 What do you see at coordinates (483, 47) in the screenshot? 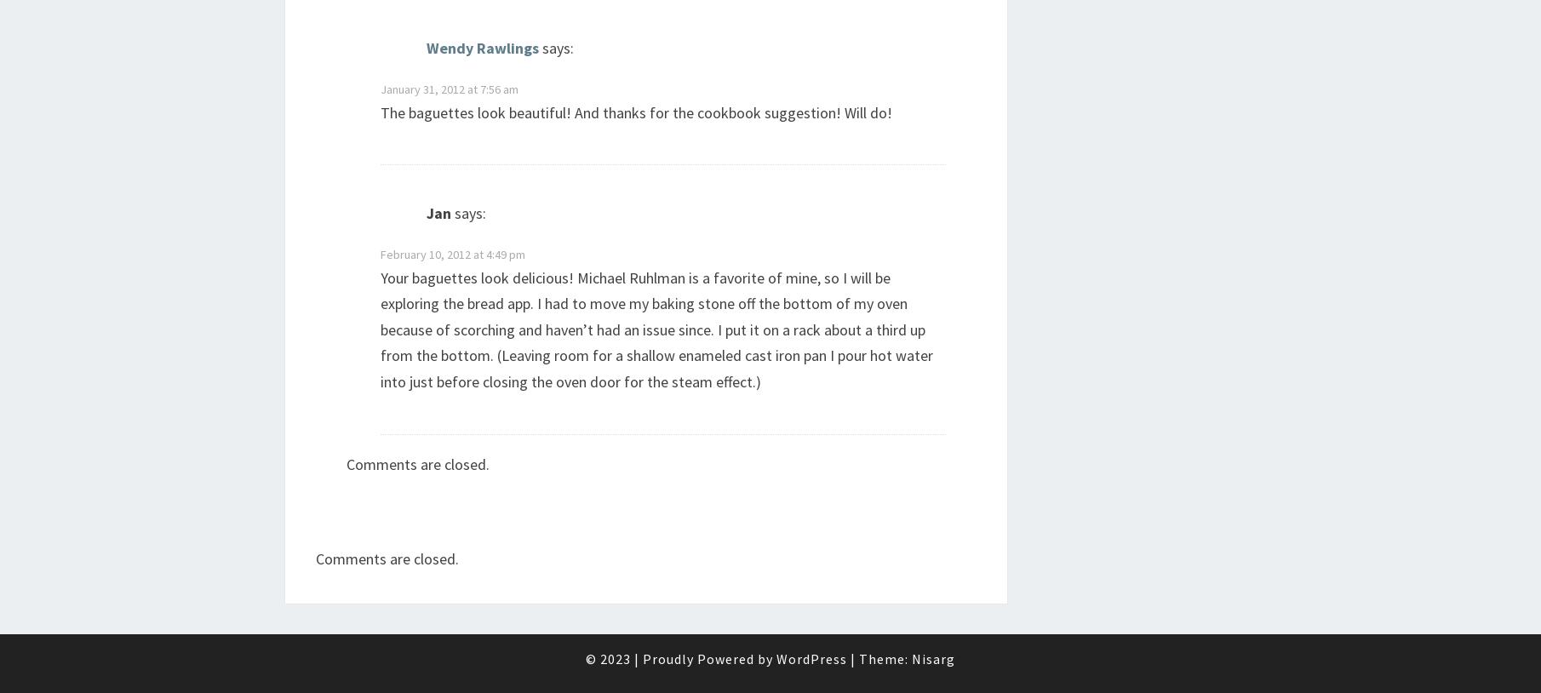
I see `'Wendy Rawlings'` at bounding box center [483, 47].